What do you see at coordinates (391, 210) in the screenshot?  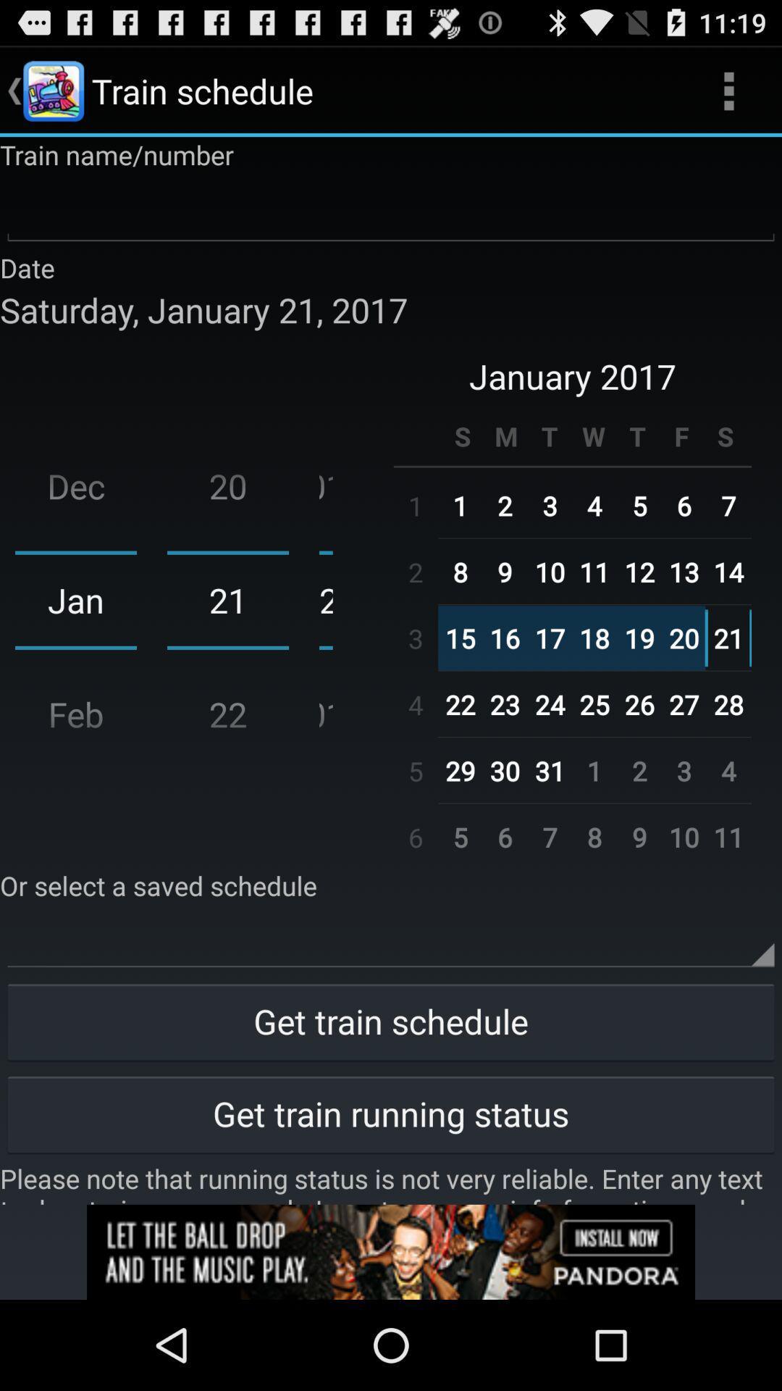 I see `train name or number` at bounding box center [391, 210].